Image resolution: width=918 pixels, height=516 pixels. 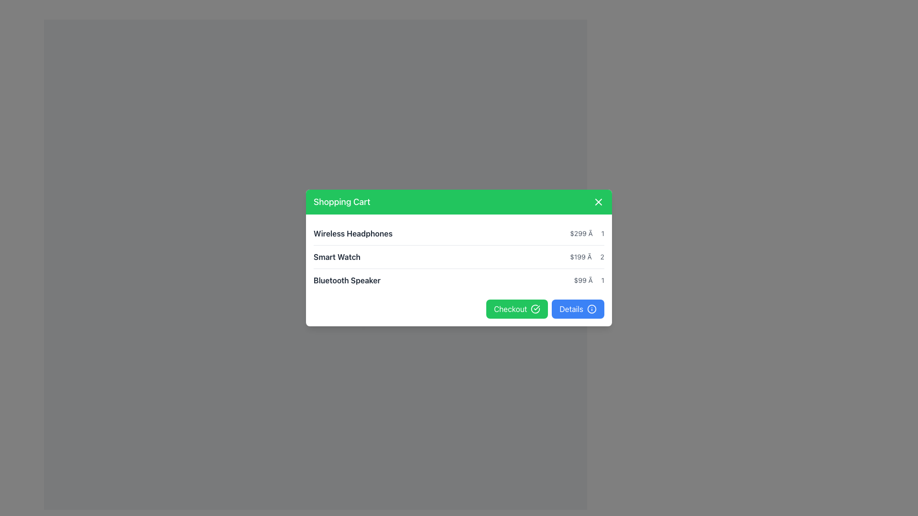 I want to click on the icon associated with the 'Details' button, which is the second element located to the right of the text 'Details' in the bottom-right corner of the modal window, so click(x=591, y=309).